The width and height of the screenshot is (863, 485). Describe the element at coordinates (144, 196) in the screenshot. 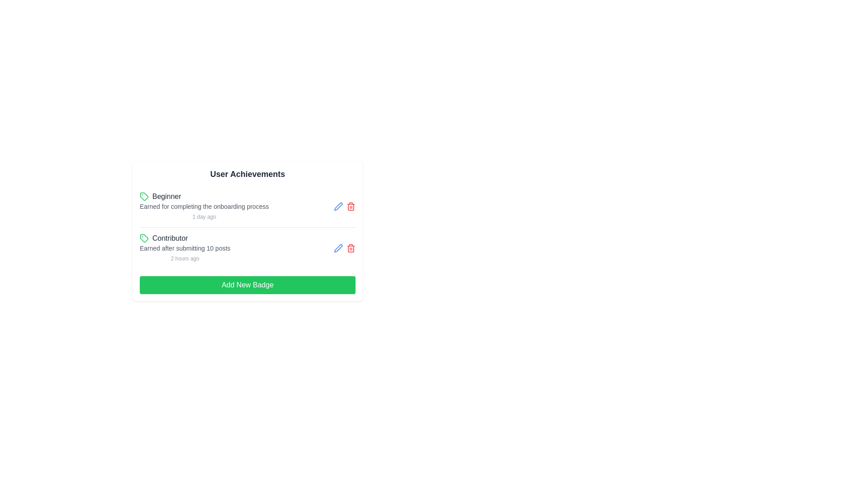

I see `the tag-shaped icon located next to the 'Contributor' badge in the 'User Achievements' section` at that location.